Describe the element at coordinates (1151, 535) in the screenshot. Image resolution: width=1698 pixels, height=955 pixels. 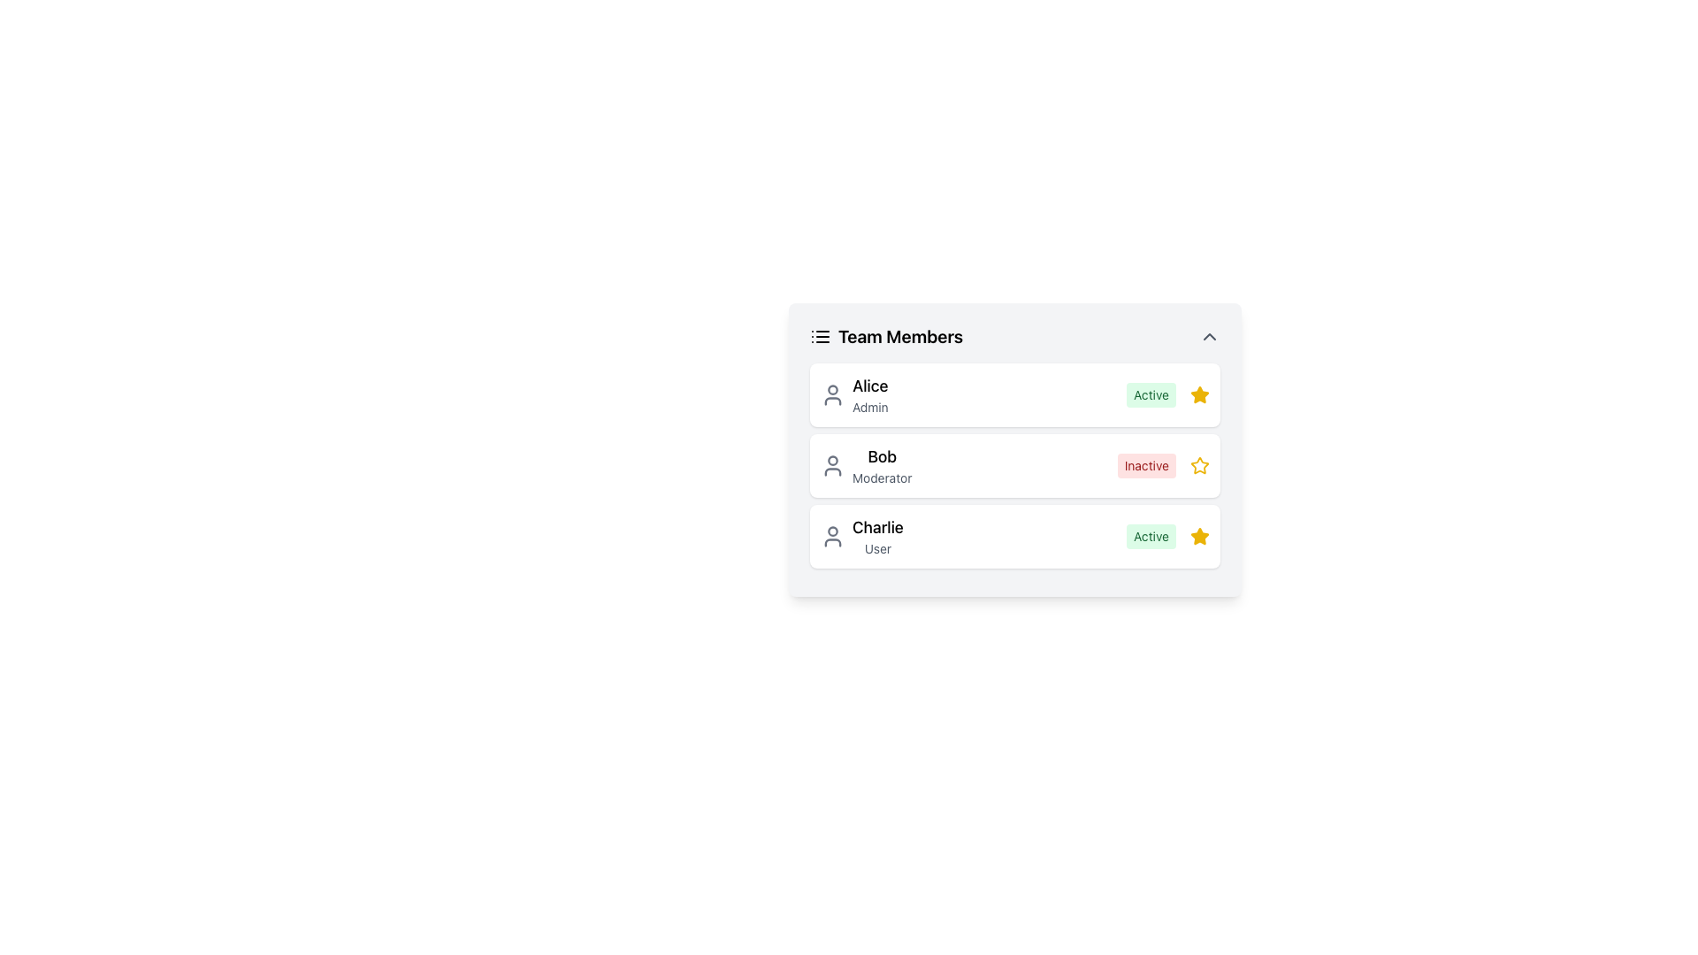
I see `the text displayed on the 'Active' badge located in the third row of the 'Team Members' card adjacent to 'Charlie'` at that location.